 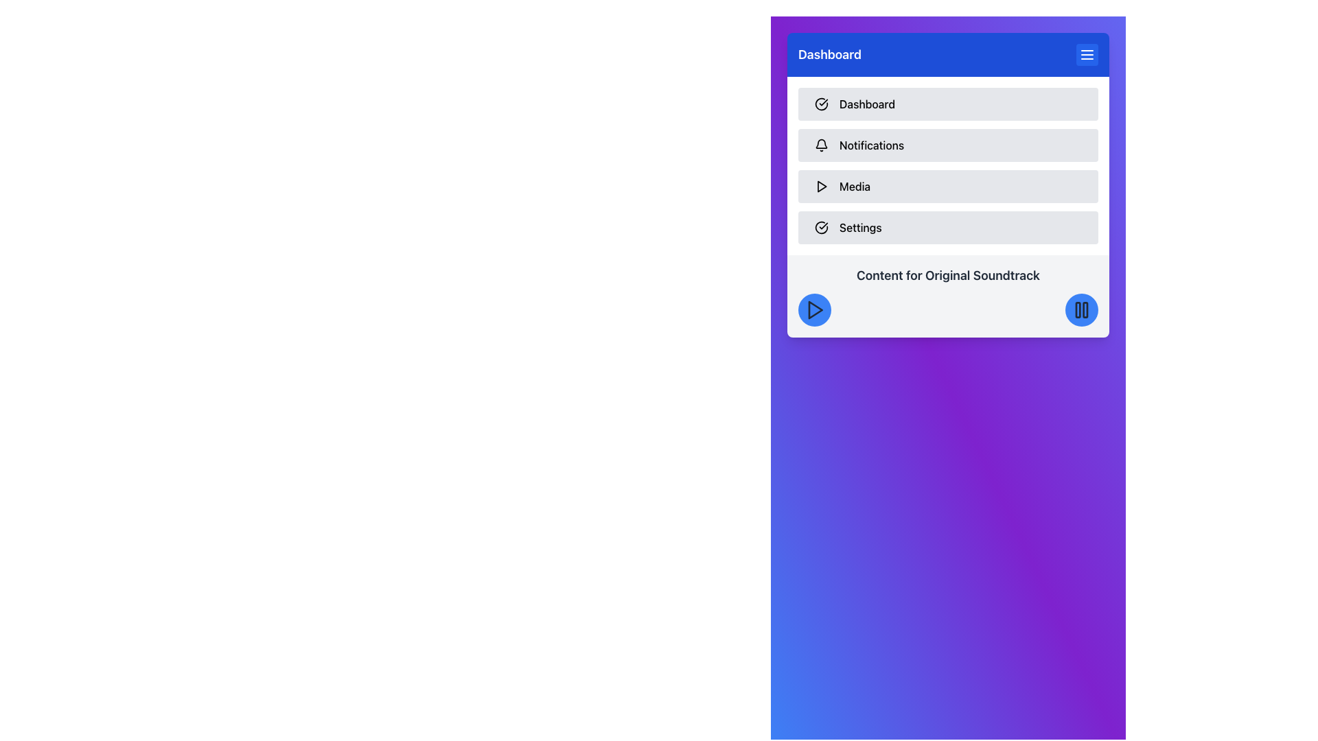 What do you see at coordinates (947, 275) in the screenshot?
I see `the text label that displays the title or description of the soundtrack or music, which is centrally located within its light gray background block` at bounding box center [947, 275].